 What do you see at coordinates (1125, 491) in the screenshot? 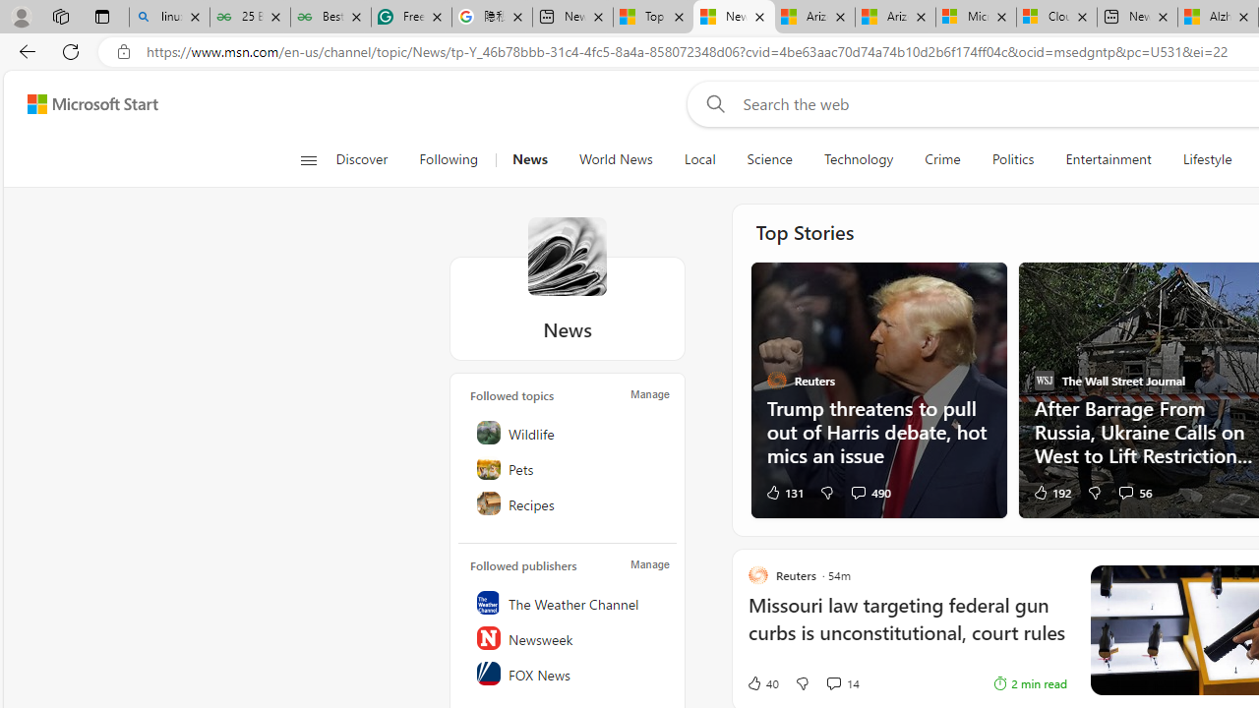
I see `'View comments 56 Comment'` at bounding box center [1125, 491].